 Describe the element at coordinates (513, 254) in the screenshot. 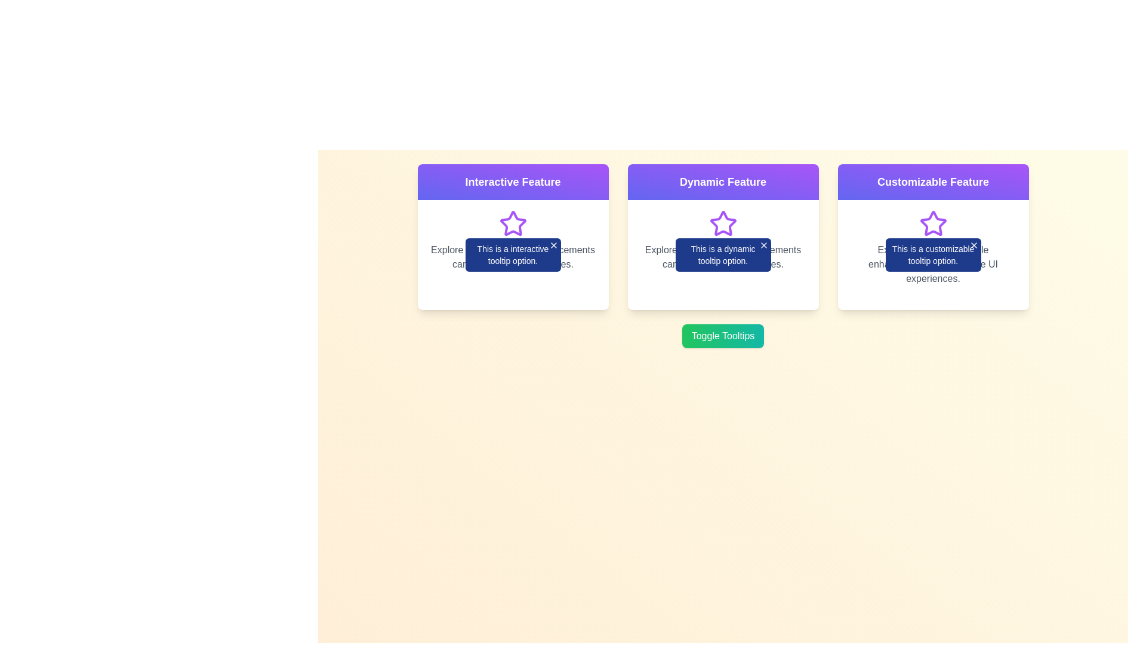

I see `the blue tooltip box that displays 'This is a interactive tooltip option.' located within the 'Interactive Feature' card` at that location.